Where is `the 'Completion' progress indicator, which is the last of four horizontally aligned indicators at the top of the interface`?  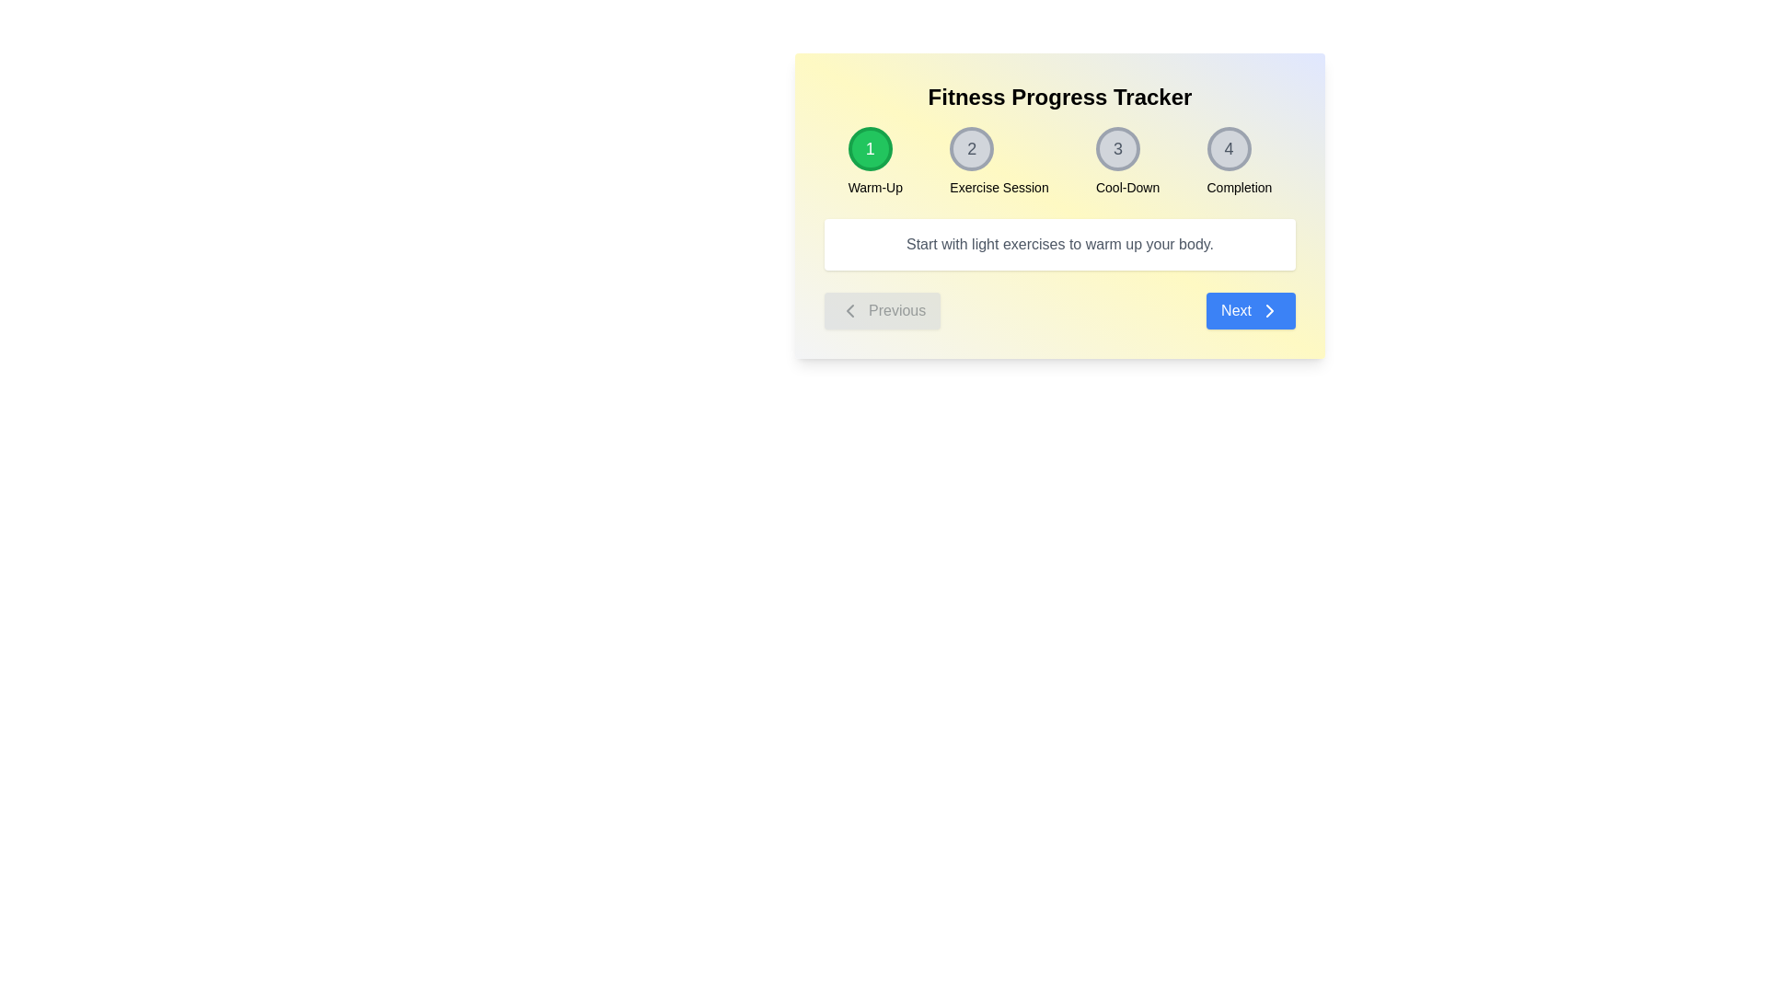
the 'Completion' progress indicator, which is the last of four horizontally aligned indicators at the top of the interface is located at coordinates (1239, 161).